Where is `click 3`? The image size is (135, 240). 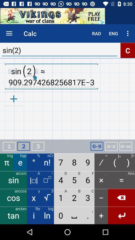 click 3 is located at coordinates (38, 146).